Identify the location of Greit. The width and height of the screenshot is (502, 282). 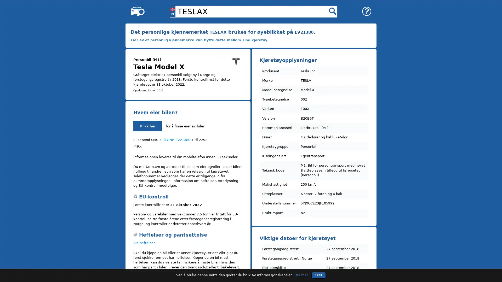
(318, 275).